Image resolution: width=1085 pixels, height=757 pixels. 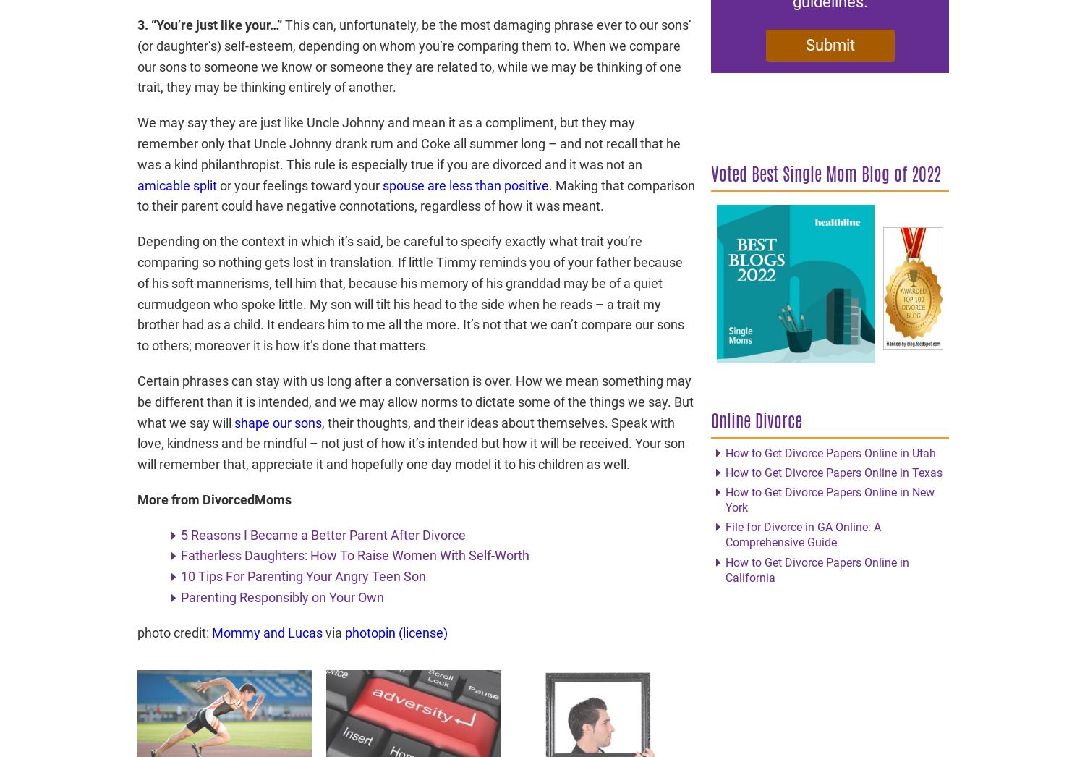 What do you see at coordinates (802, 533) in the screenshot?
I see `'File for Divorce in GA Online: A Comprehensive Guide'` at bounding box center [802, 533].